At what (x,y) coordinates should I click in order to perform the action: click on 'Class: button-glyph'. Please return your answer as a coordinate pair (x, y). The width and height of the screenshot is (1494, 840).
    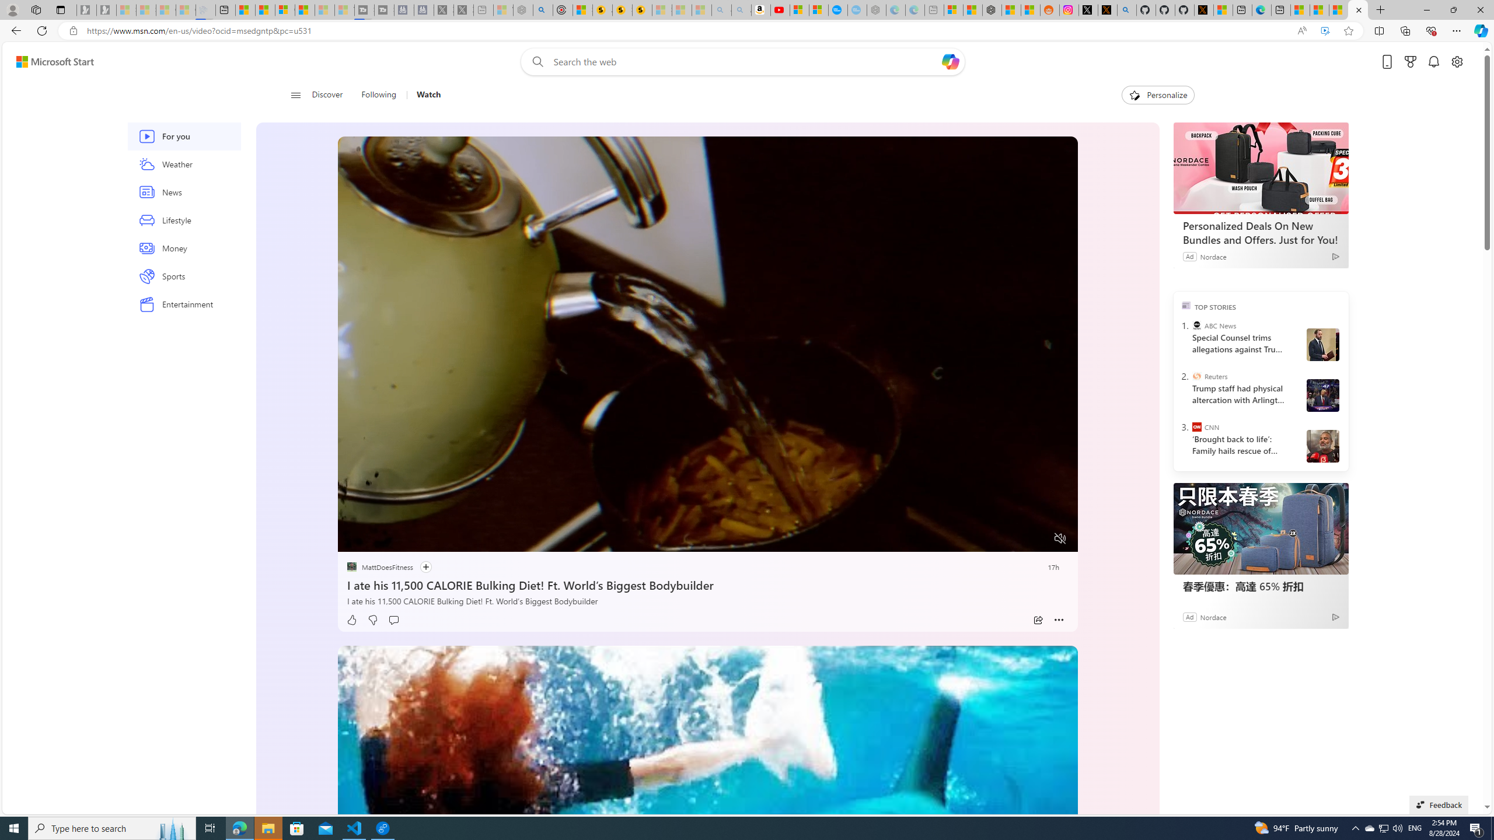
    Looking at the image, I should click on (295, 94).